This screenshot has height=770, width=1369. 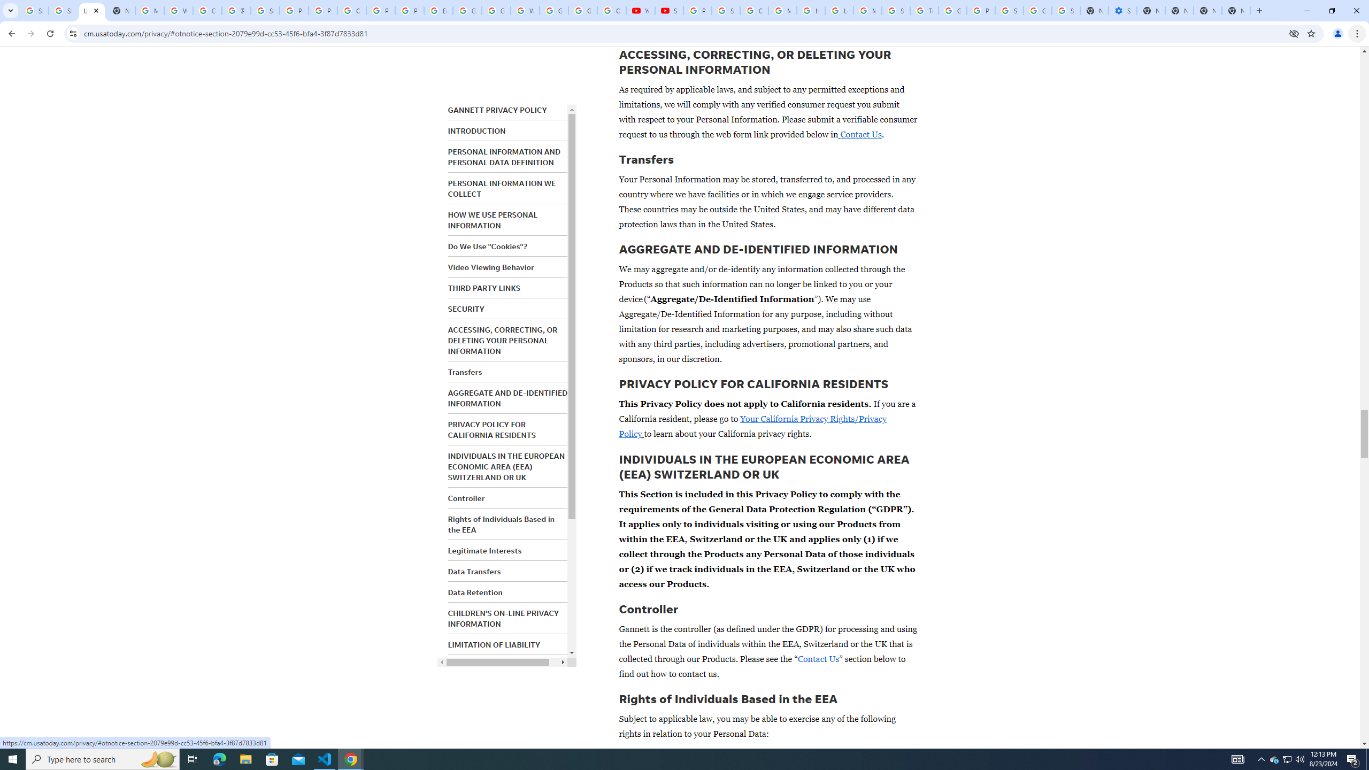 What do you see at coordinates (438, 10) in the screenshot?
I see `'Edit and view right-to-left text - Google Docs Editors Help'` at bounding box center [438, 10].